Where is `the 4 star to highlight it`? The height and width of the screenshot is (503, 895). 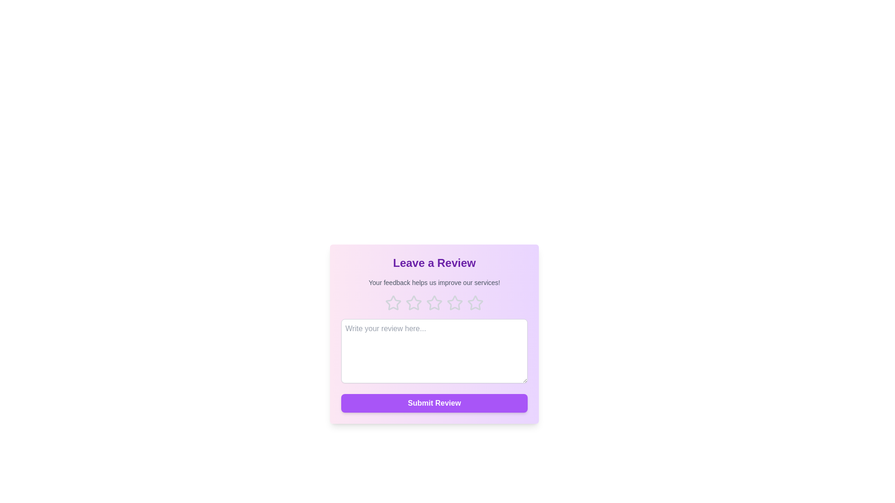
the 4 star to highlight it is located at coordinates (454, 303).